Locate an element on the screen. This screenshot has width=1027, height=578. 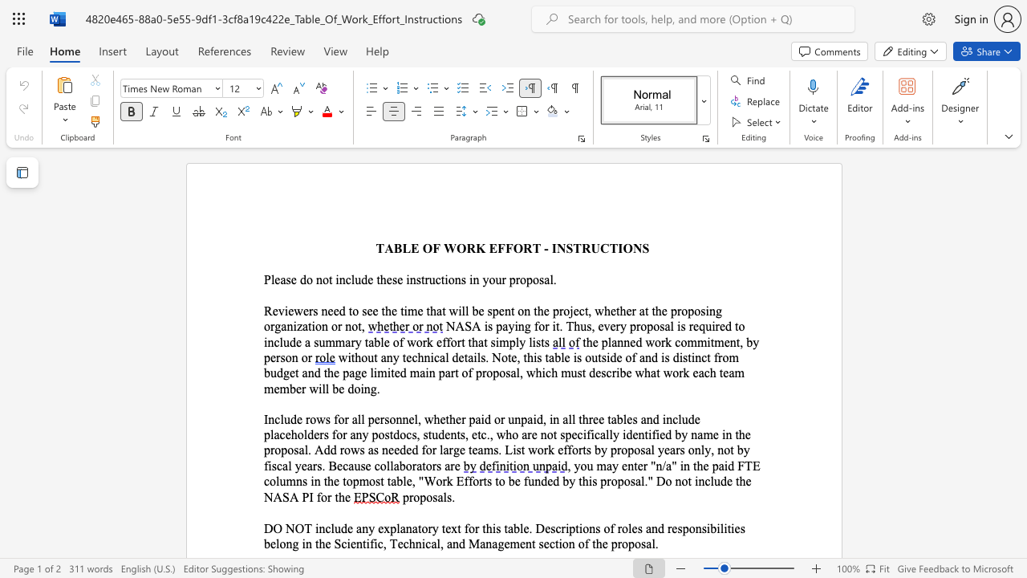
the space between the continuous character "S" and "T" in the text is located at coordinates (573, 248).